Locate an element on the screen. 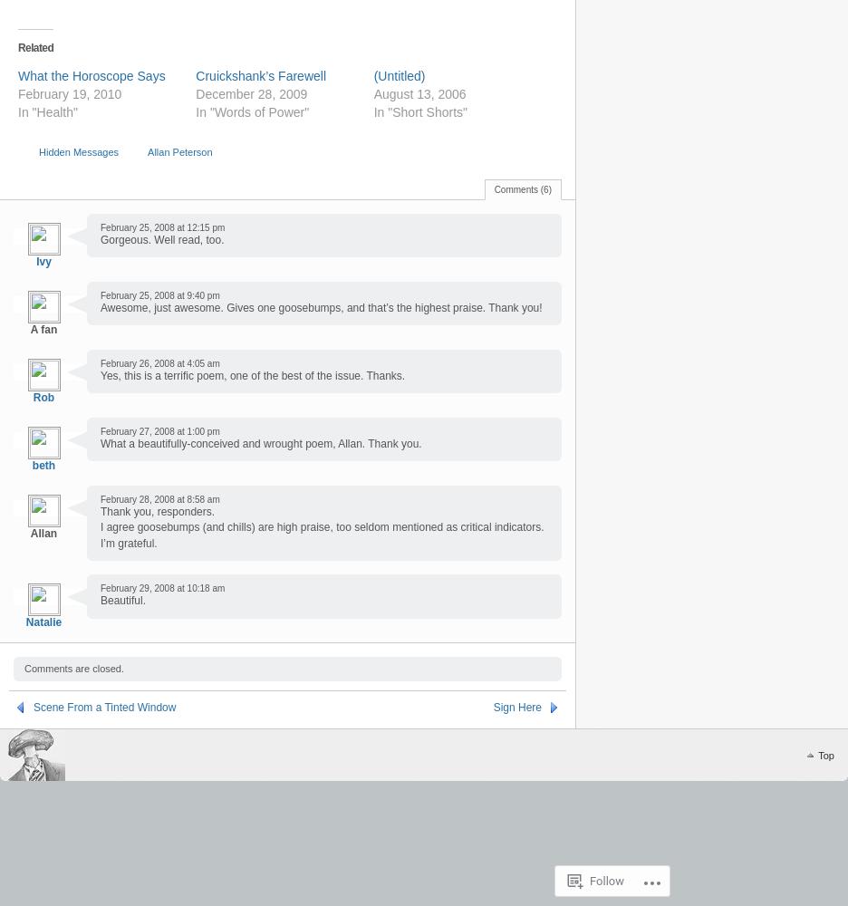 This screenshot has width=848, height=906. 'February 25, 2008 at 9:40 pm' is located at coordinates (159, 294).